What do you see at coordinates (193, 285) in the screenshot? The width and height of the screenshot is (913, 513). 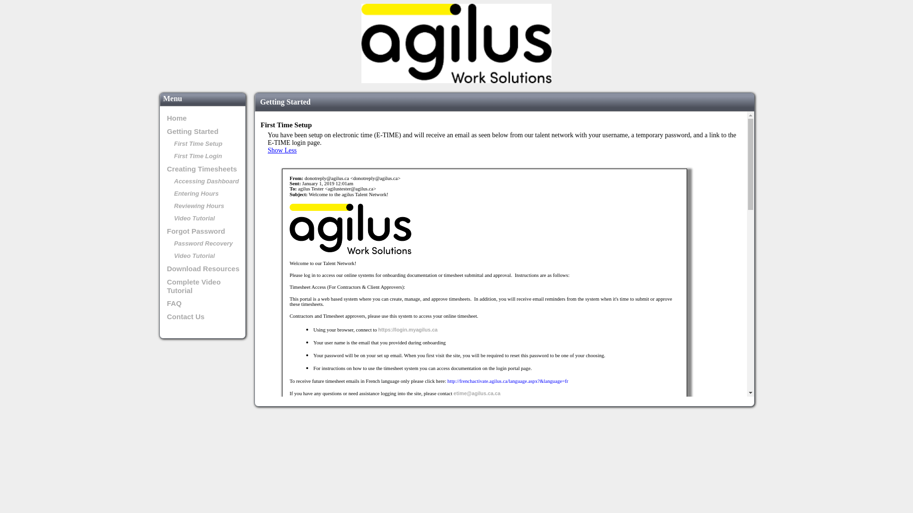 I see `'Complete Video Tutorial'` at bounding box center [193, 285].